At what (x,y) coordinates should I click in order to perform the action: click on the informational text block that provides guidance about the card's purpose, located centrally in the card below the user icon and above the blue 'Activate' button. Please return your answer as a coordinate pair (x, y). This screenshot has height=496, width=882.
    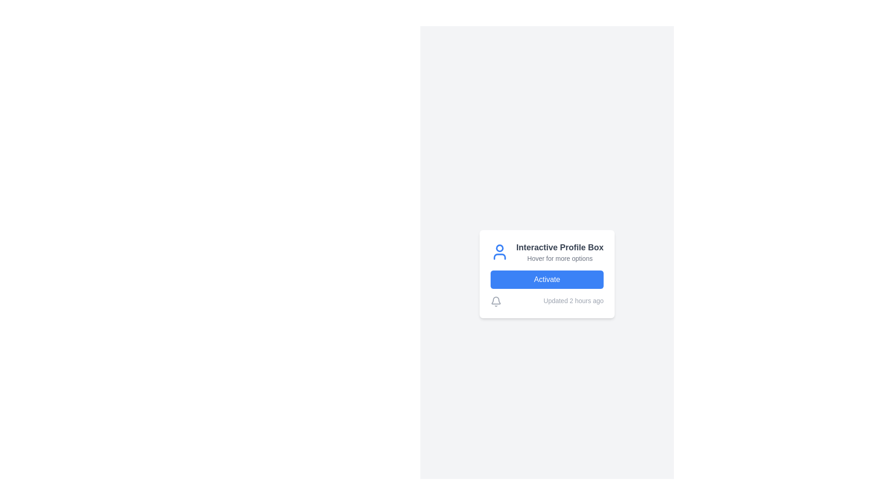
    Looking at the image, I should click on (560, 252).